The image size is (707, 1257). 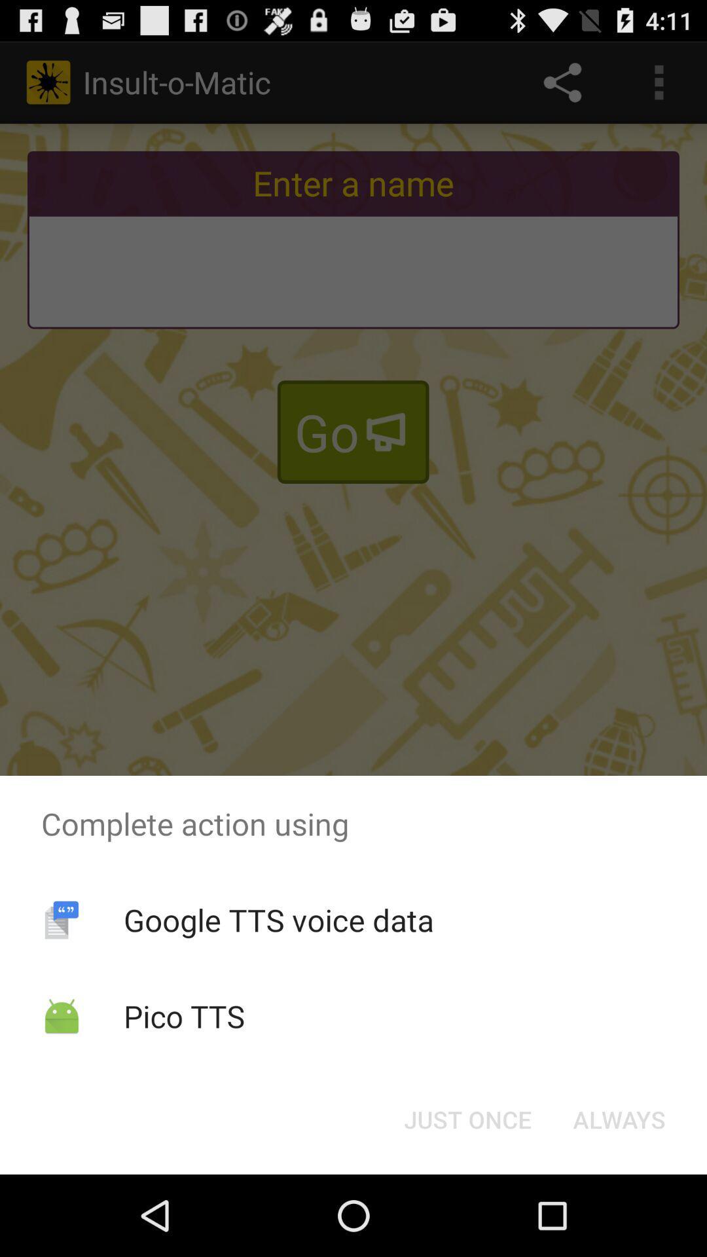 I want to click on pico tts icon, so click(x=184, y=1015).